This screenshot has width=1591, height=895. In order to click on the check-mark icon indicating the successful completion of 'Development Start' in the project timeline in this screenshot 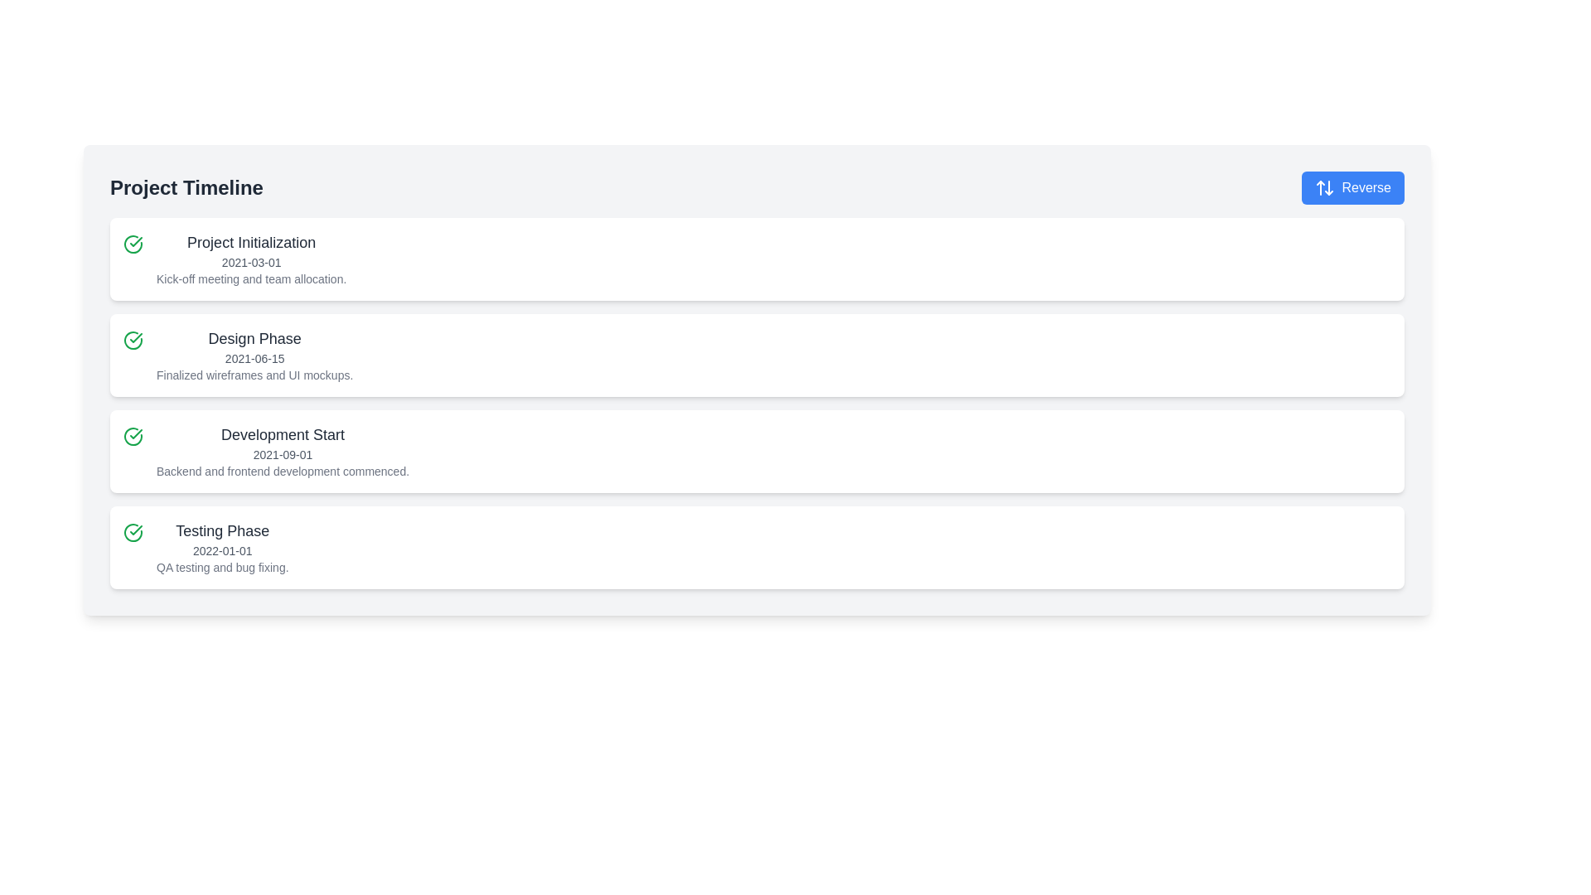, I will do `click(136, 530)`.